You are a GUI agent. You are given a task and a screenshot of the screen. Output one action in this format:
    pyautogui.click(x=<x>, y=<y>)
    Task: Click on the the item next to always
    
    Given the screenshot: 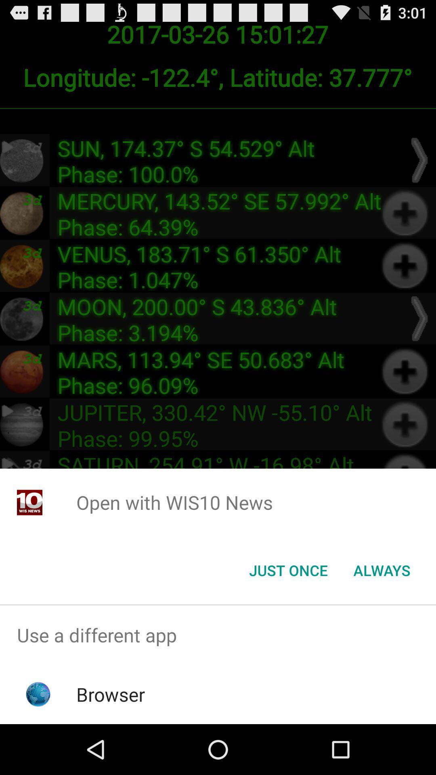 What is the action you would take?
    pyautogui.click(x=288, y=570)
    